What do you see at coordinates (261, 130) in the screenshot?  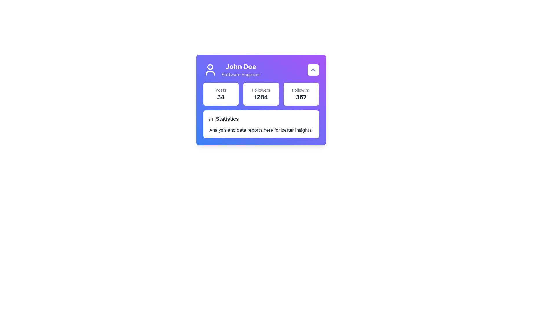 I see `text label providing descriptive information under the 'Statistics' section, which is centrally aligned in a white boxed layout` at bounding box center [261, 130].